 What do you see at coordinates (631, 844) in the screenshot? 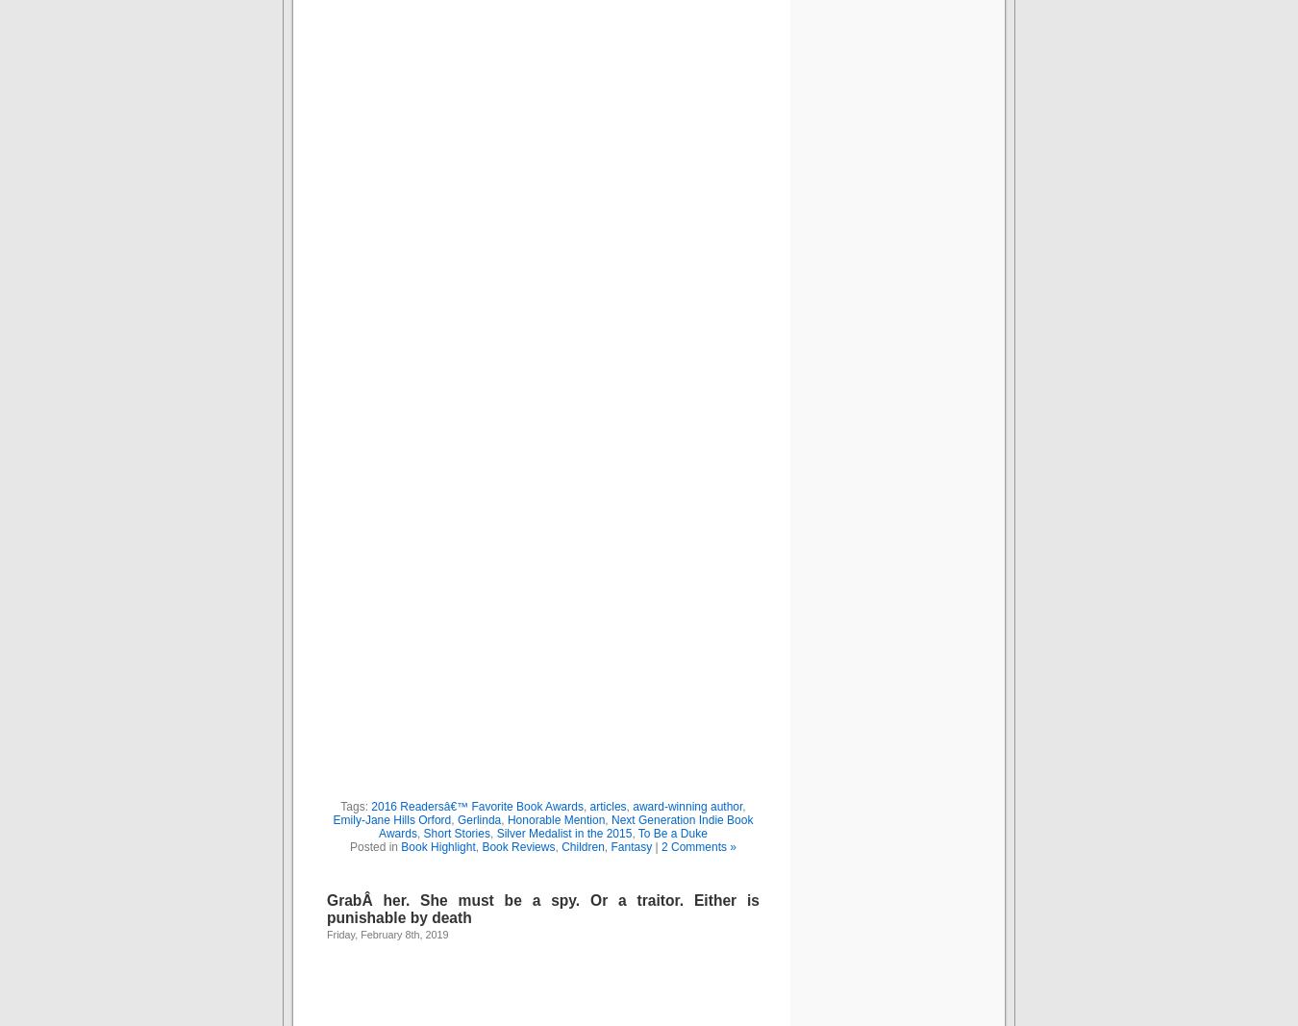
I see `'Fantasy'` at bounding box center [631, 844].